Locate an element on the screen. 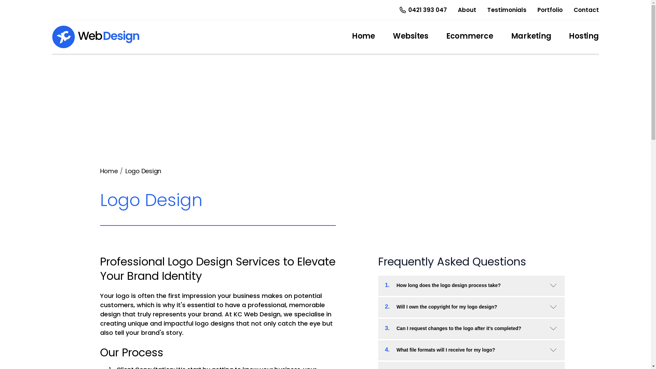 The height and width of the screenshot is (369, 656). 'Portfolio' is located at coordinates (549, 10).